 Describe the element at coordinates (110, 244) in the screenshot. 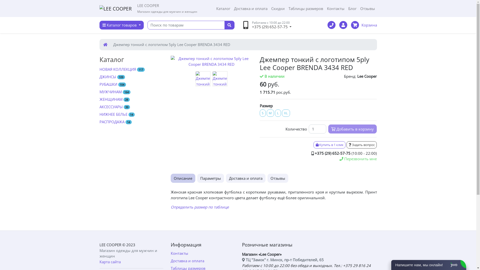

I see `'LEE COOPER'` at that location.